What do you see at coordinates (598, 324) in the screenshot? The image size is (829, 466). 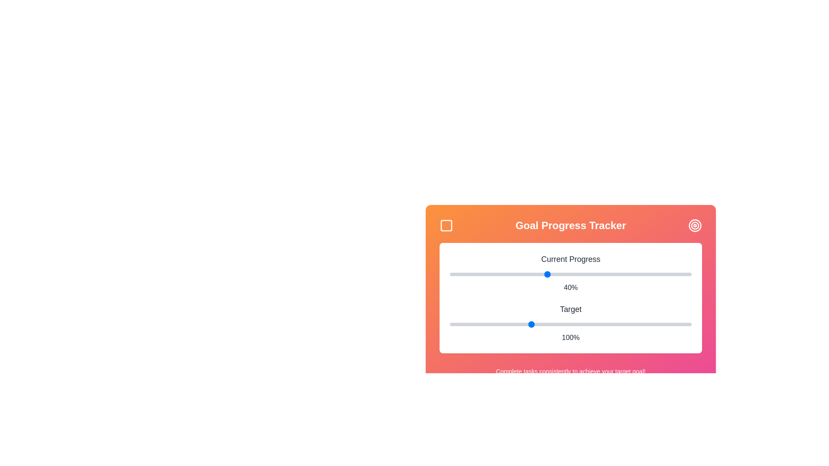 I see `the 'Target' slider to set its value to 142` at bounding box center [598, 324].